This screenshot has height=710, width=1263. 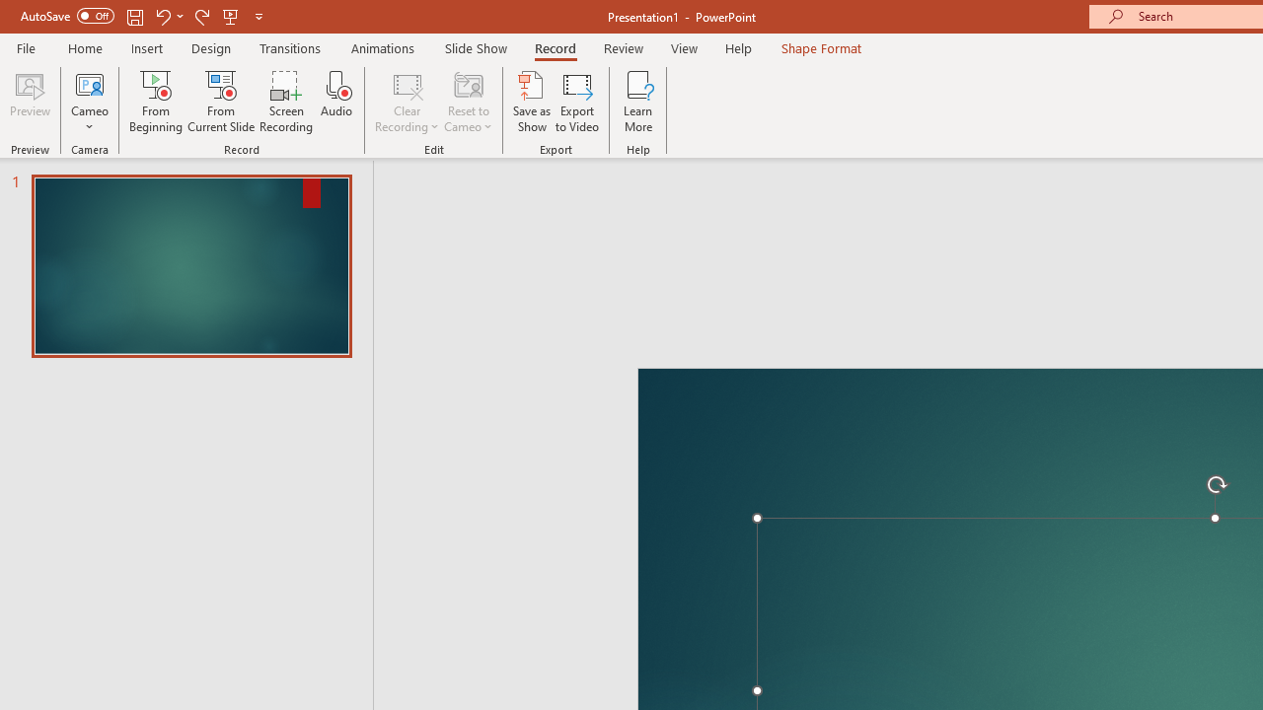 What do you see at coordinates (532, 102) in the screenshot?
I see `'Save as Show'` at bounding box center [532, 102].